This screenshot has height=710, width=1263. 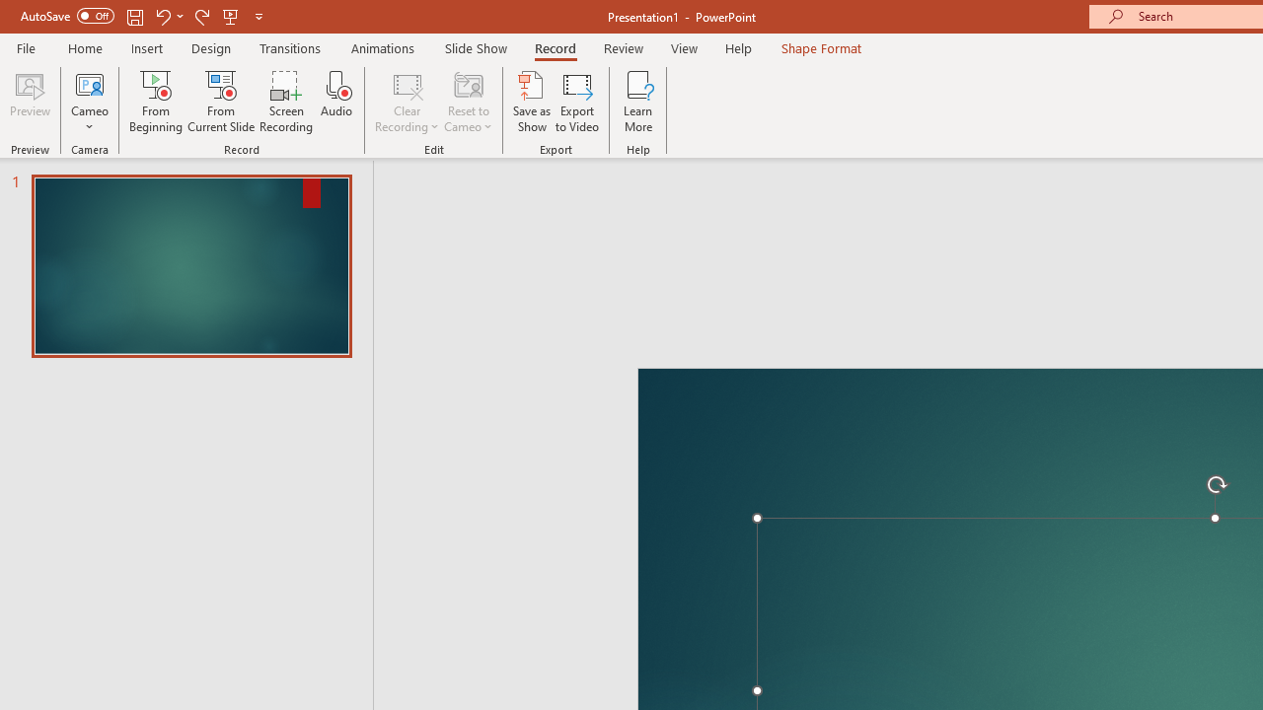 What do you see at coordinates (532, 102) in the screenshot?
I see `'Save as Show'` at bounding box center [532, 102].